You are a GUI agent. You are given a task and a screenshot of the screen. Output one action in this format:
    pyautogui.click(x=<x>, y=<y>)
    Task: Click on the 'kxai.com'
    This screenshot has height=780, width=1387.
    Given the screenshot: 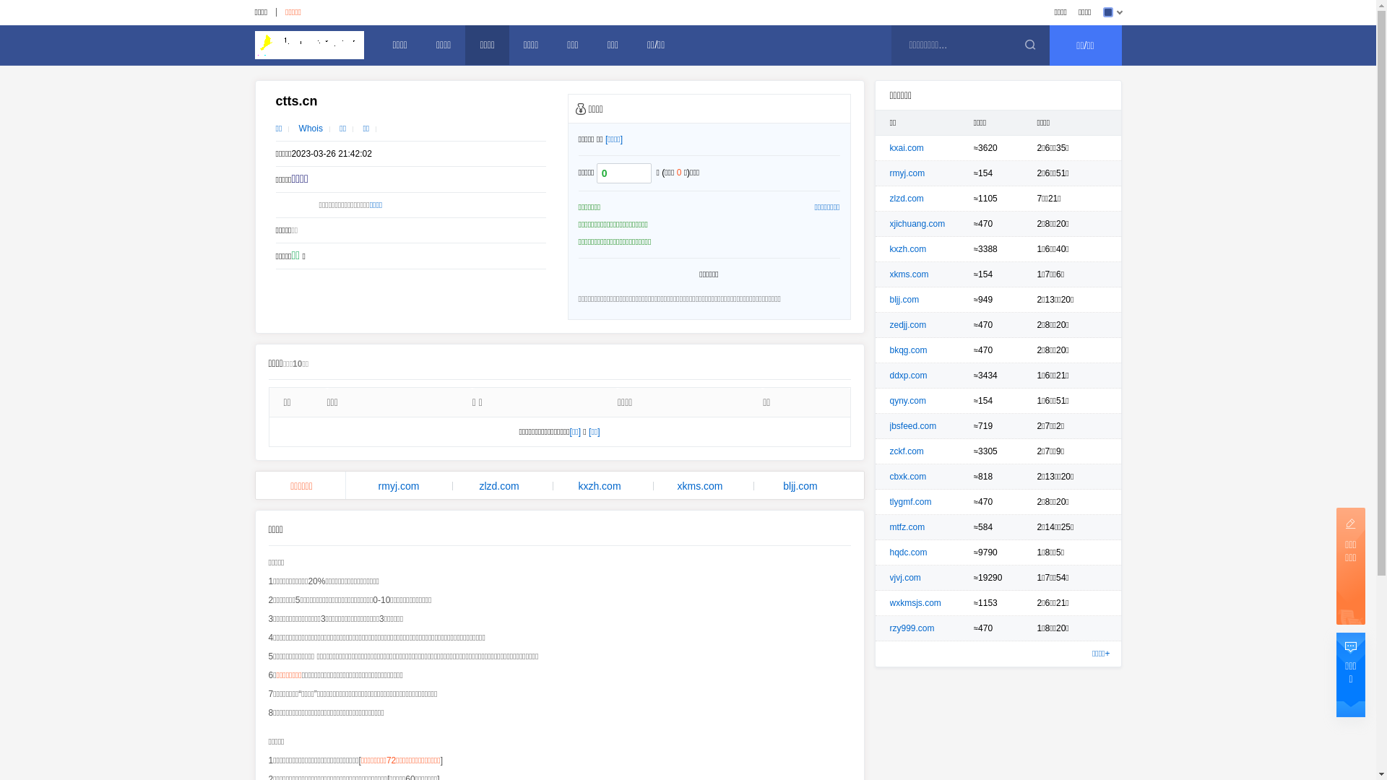 What is the action you would take?
    pyautogui.click(x=889, y=147)
    